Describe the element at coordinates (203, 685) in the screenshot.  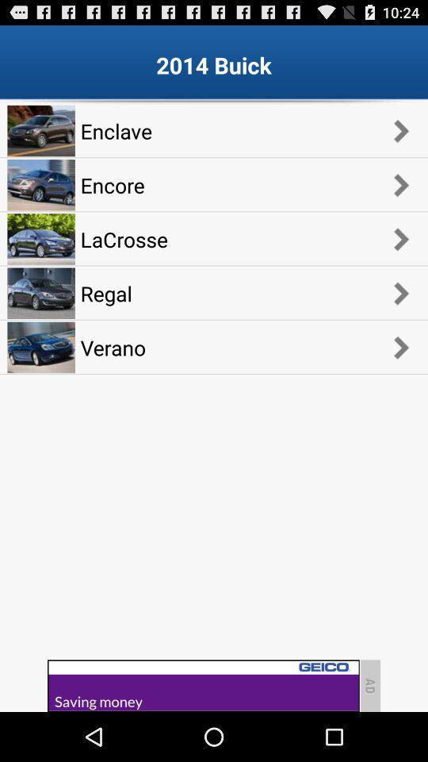
I see `advertisement` at that location.